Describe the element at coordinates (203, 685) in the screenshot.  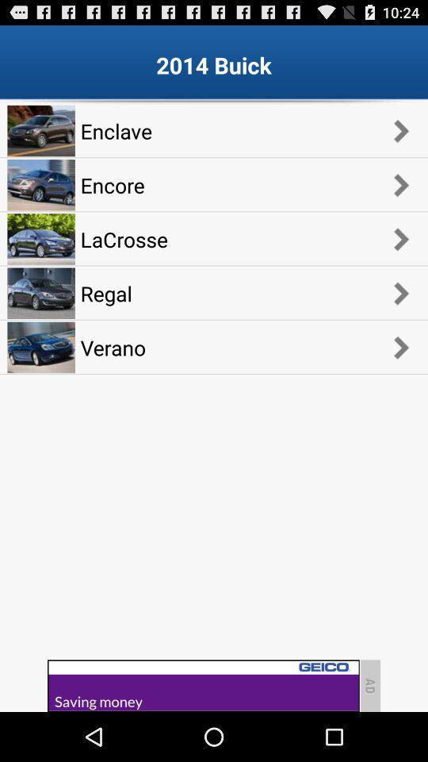
I see `advertisement` at that location.